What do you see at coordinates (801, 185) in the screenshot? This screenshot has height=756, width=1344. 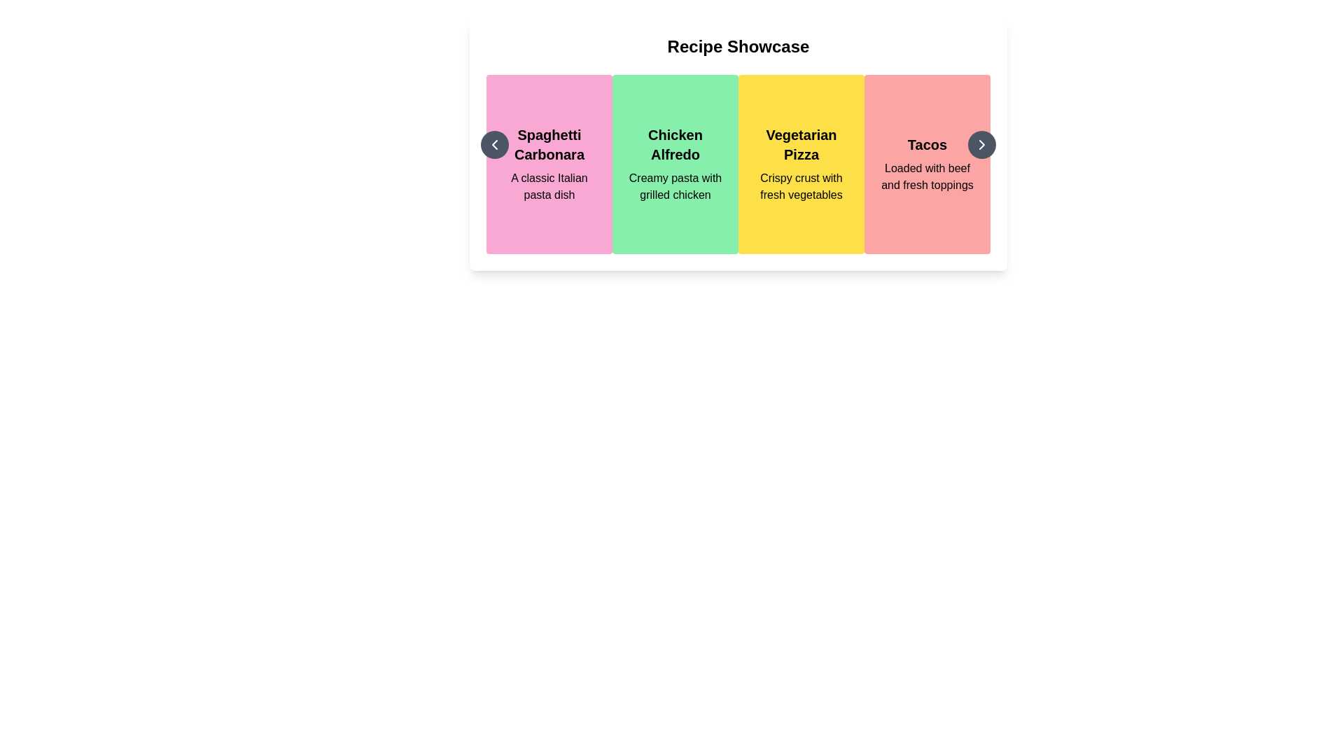 I see `text label that says 'Crispy crust with fresh vegetables', which is styled in regular black font on a yellow background and located beneath the heading 'Vegetarian Pizza'` at bounding box center [801, 185].